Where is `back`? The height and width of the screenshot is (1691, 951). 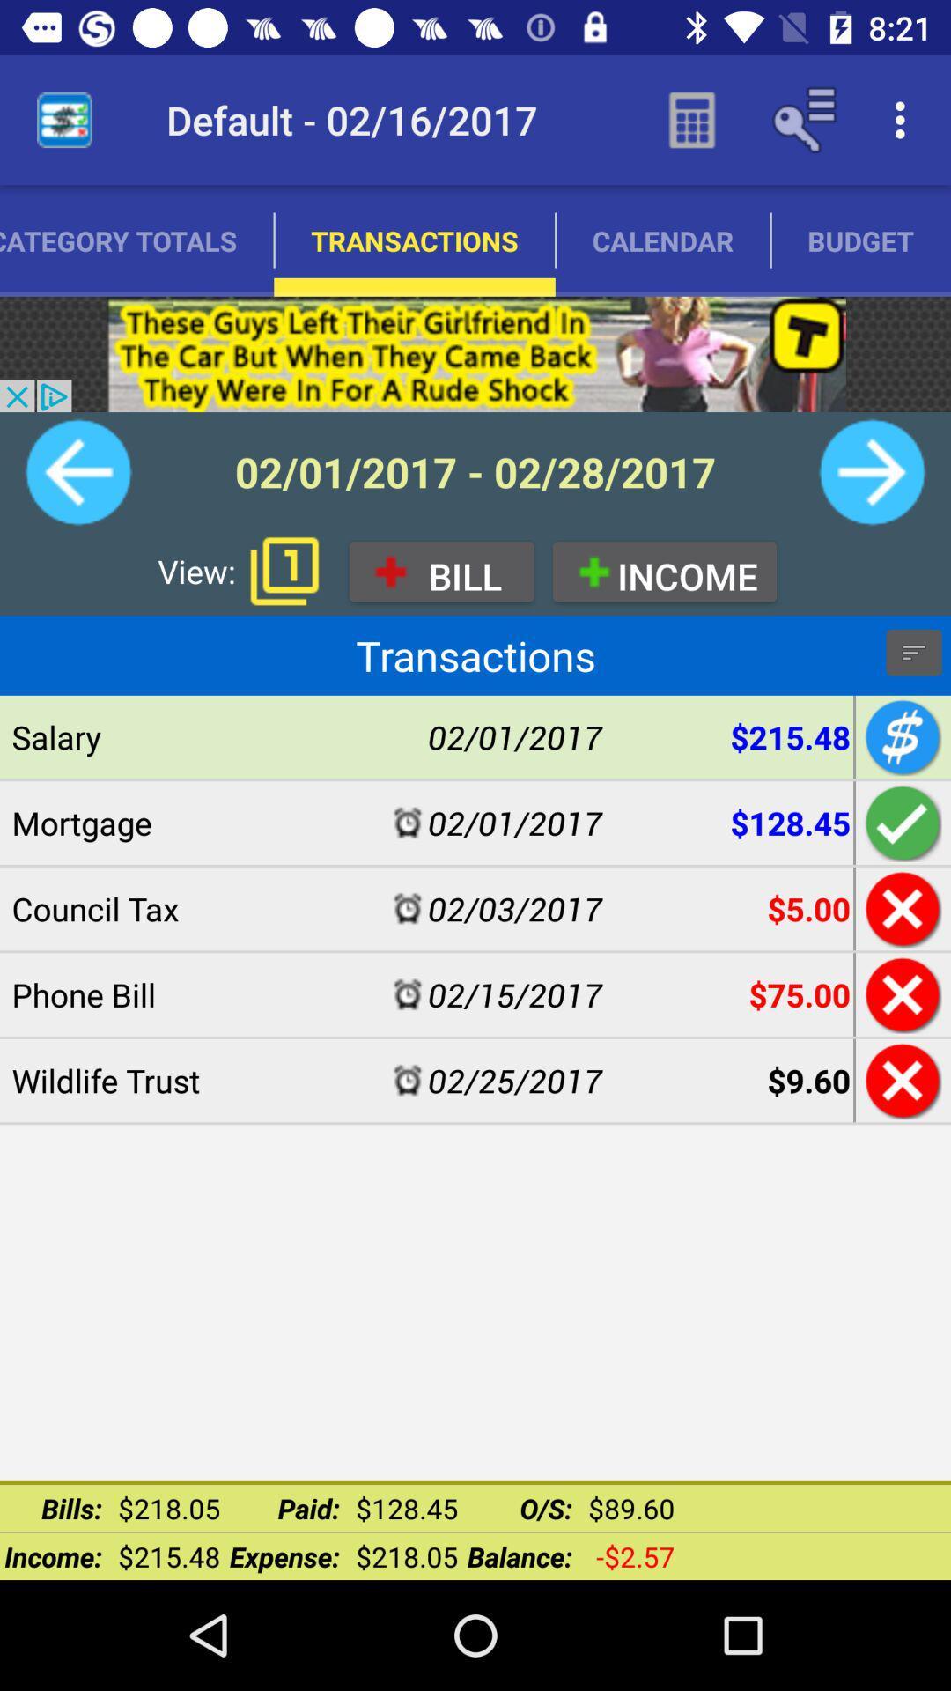
back is located at coordinates (77, 472).